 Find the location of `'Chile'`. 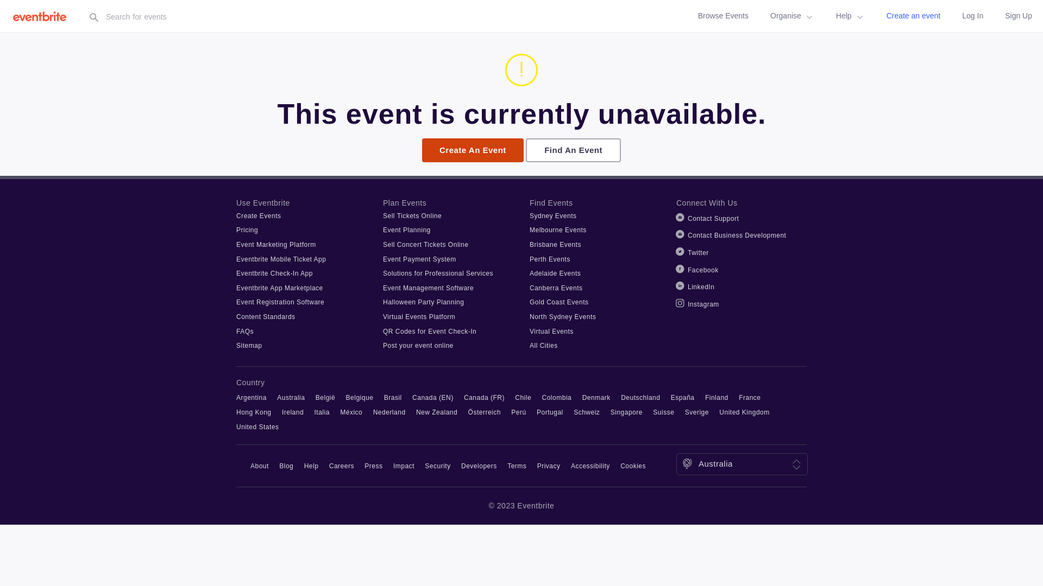

'Chile' is located at coordinates (523, 397).